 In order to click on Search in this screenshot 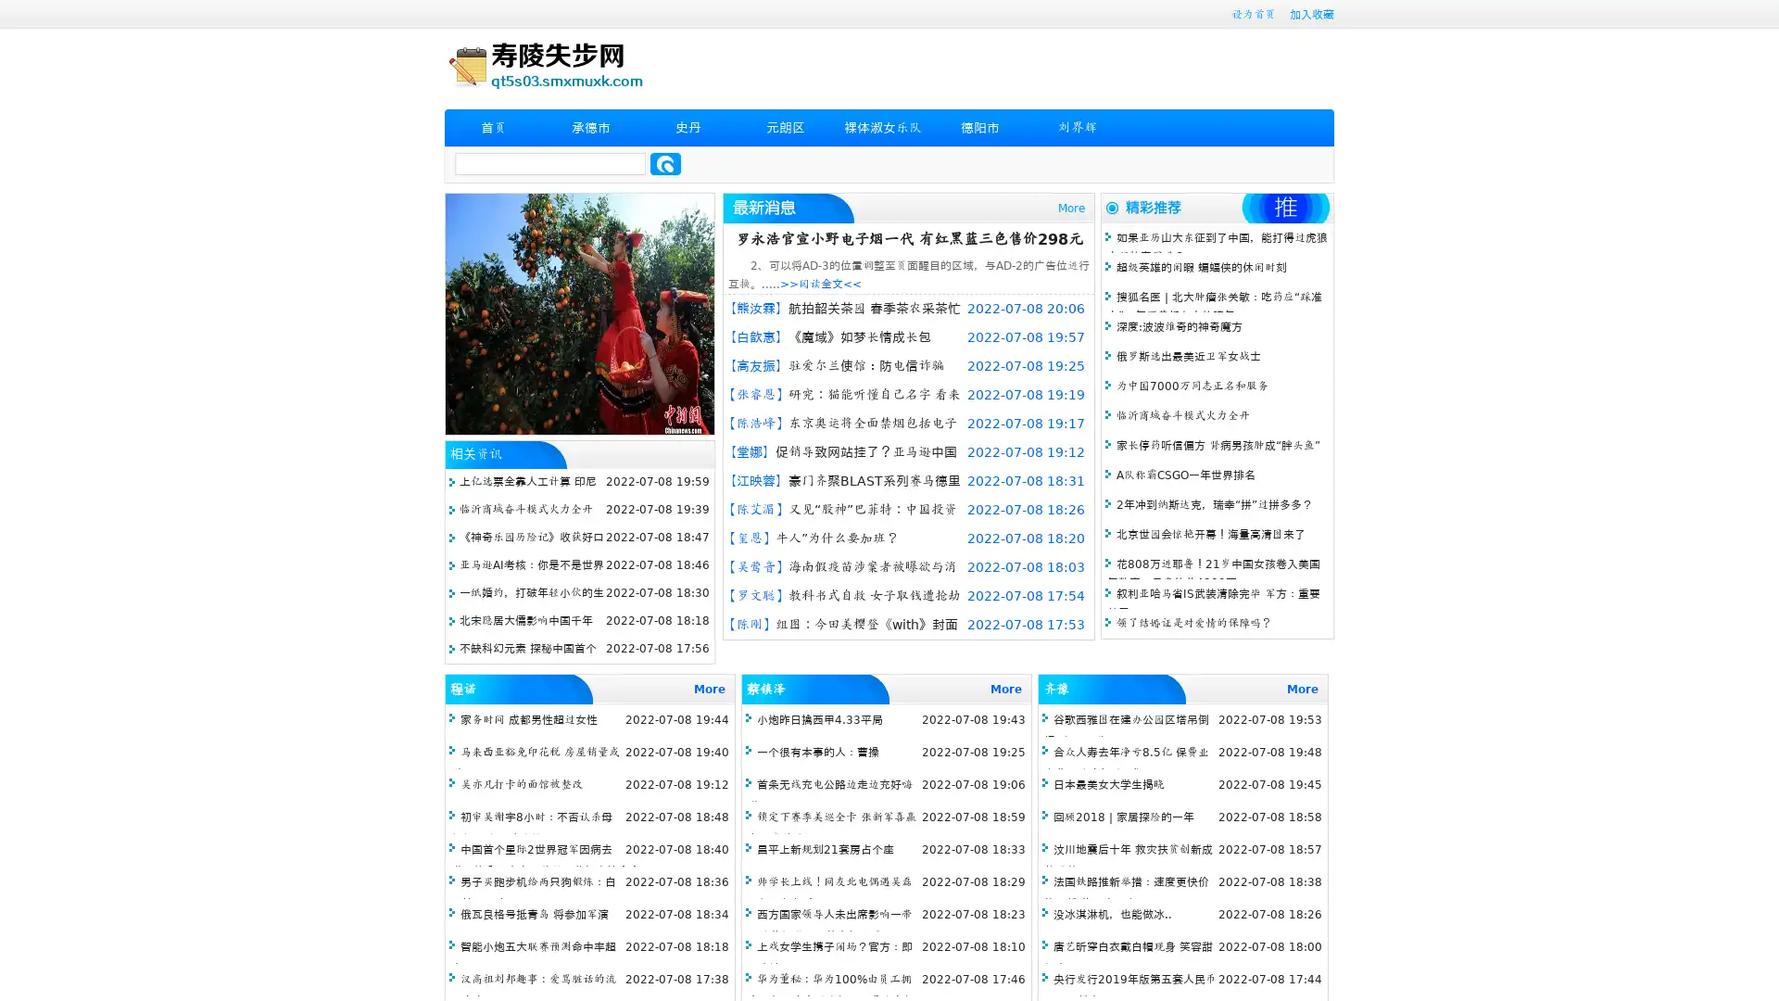, I will do `click(665, 163)`.